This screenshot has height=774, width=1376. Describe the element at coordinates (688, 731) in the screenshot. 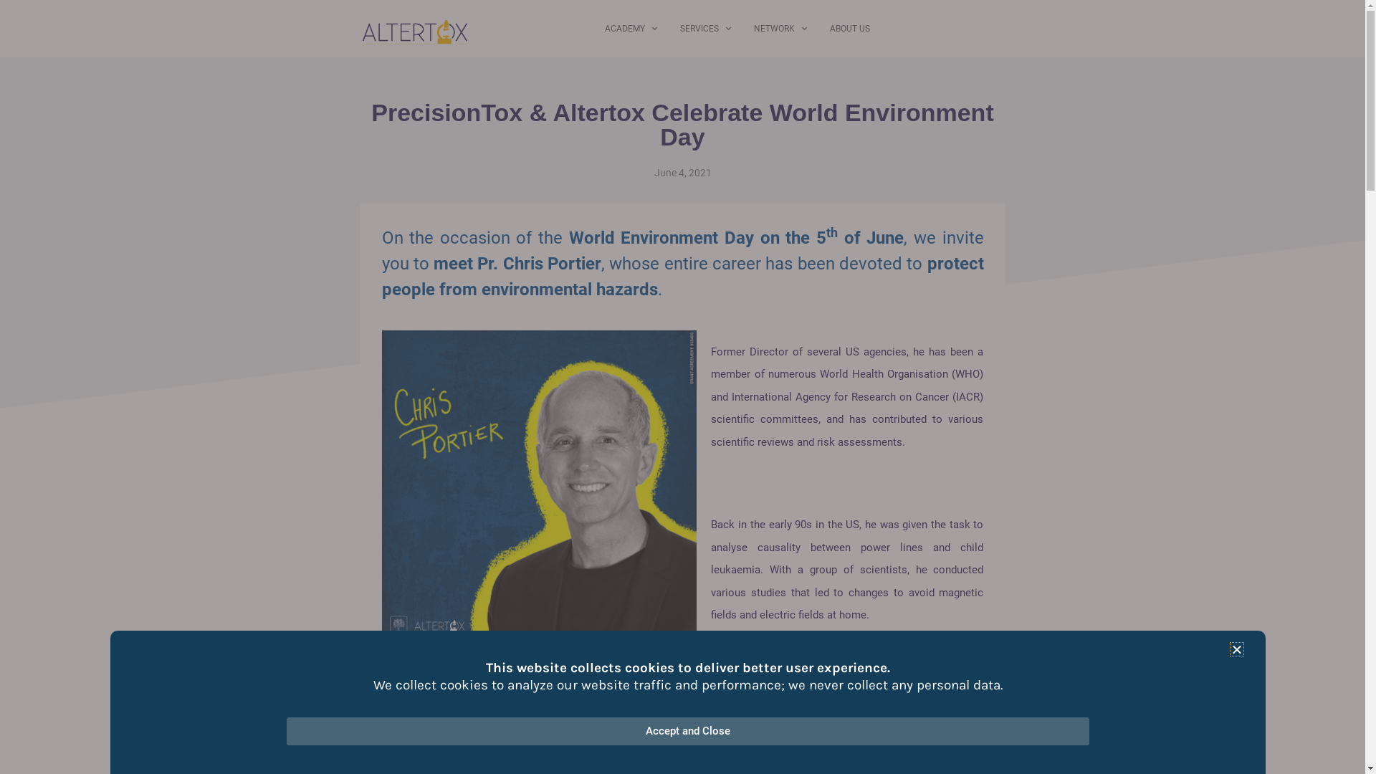

I see `'Accept and Close'` at that location.